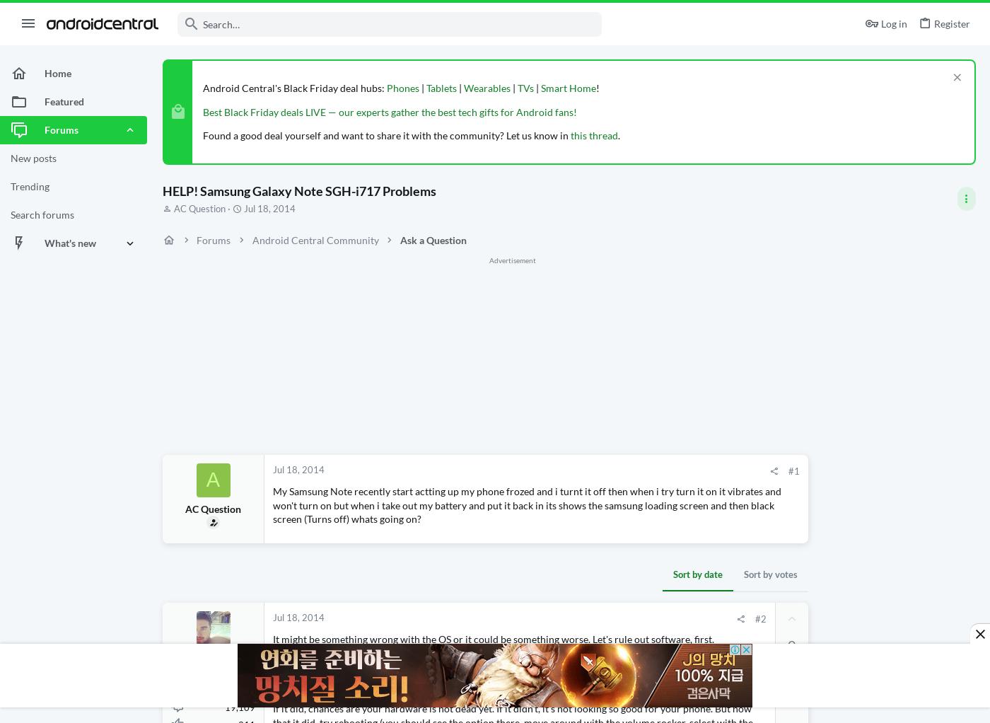 This screenshot has height=723, width=990. I want to click on 'What's new', so click(70, 243).